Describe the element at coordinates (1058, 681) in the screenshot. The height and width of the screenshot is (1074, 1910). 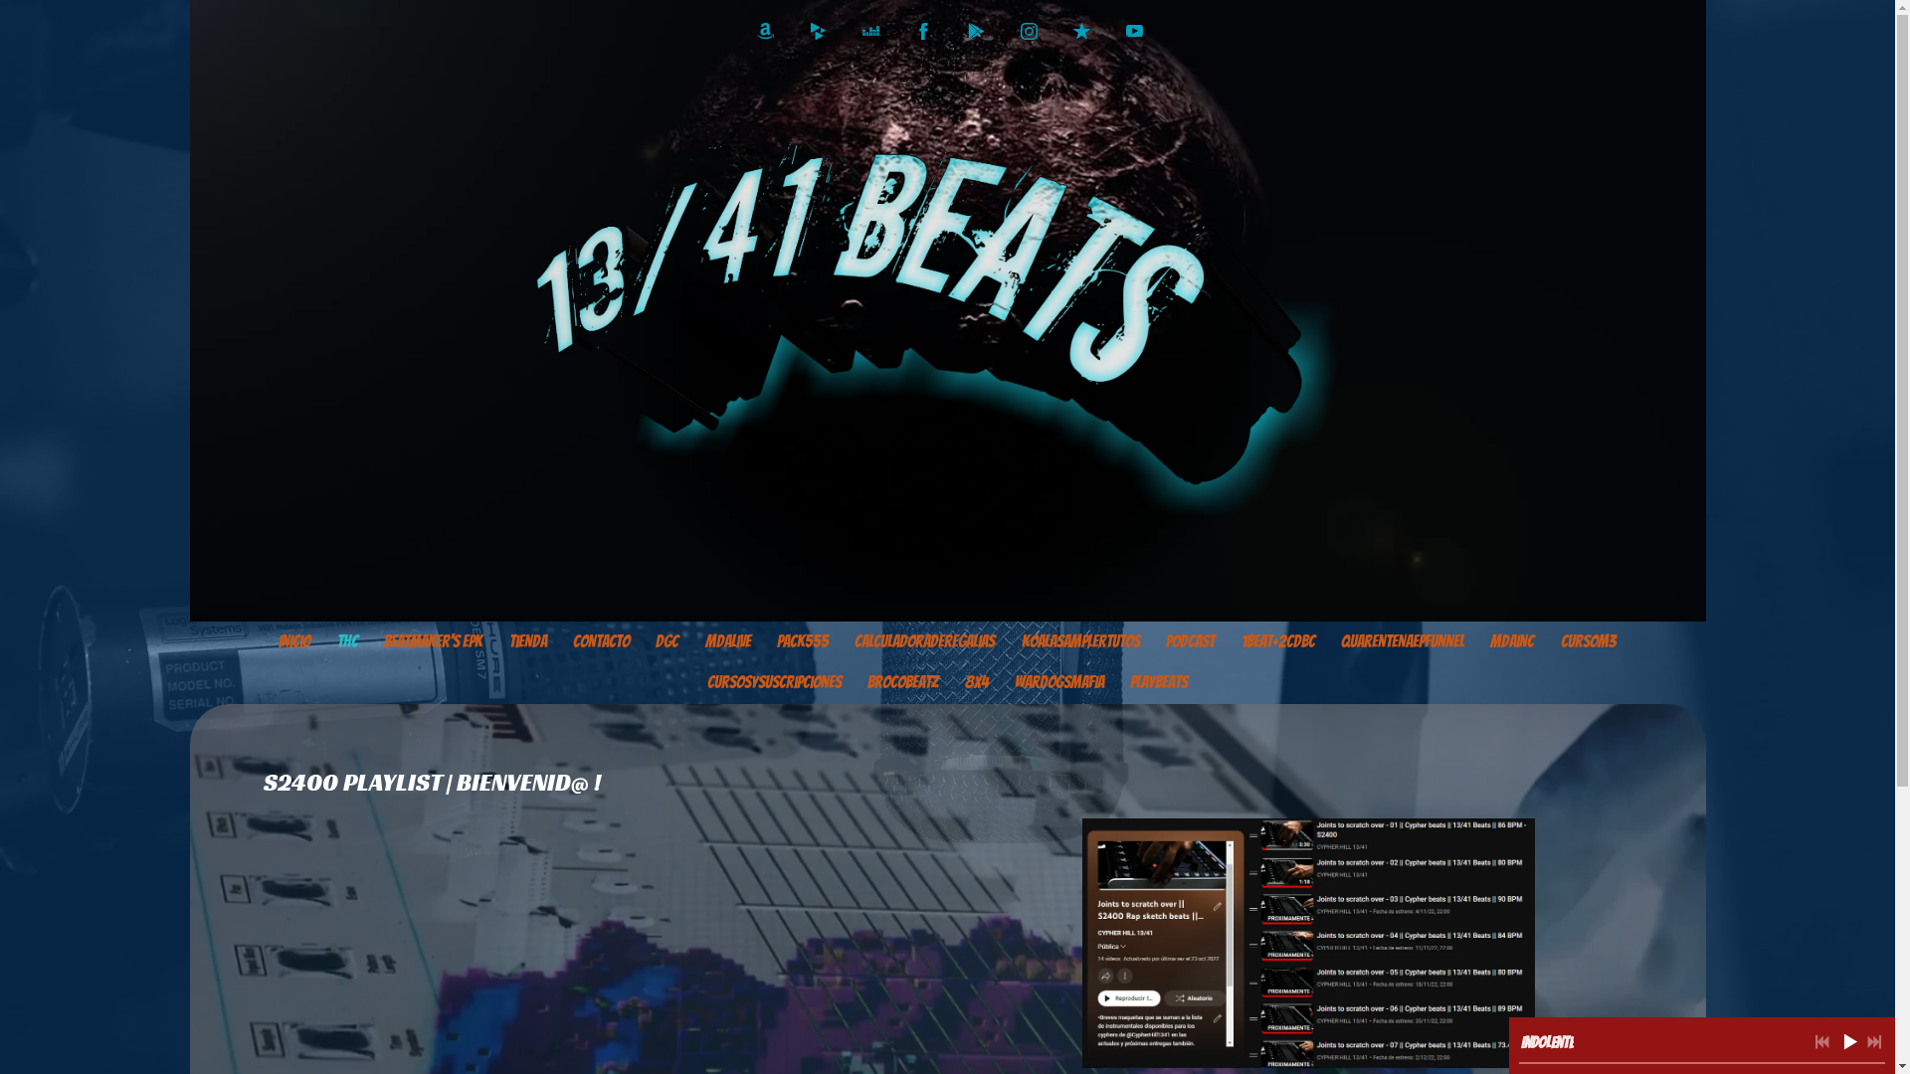
I see `'WarDogsMafia'` at that location.